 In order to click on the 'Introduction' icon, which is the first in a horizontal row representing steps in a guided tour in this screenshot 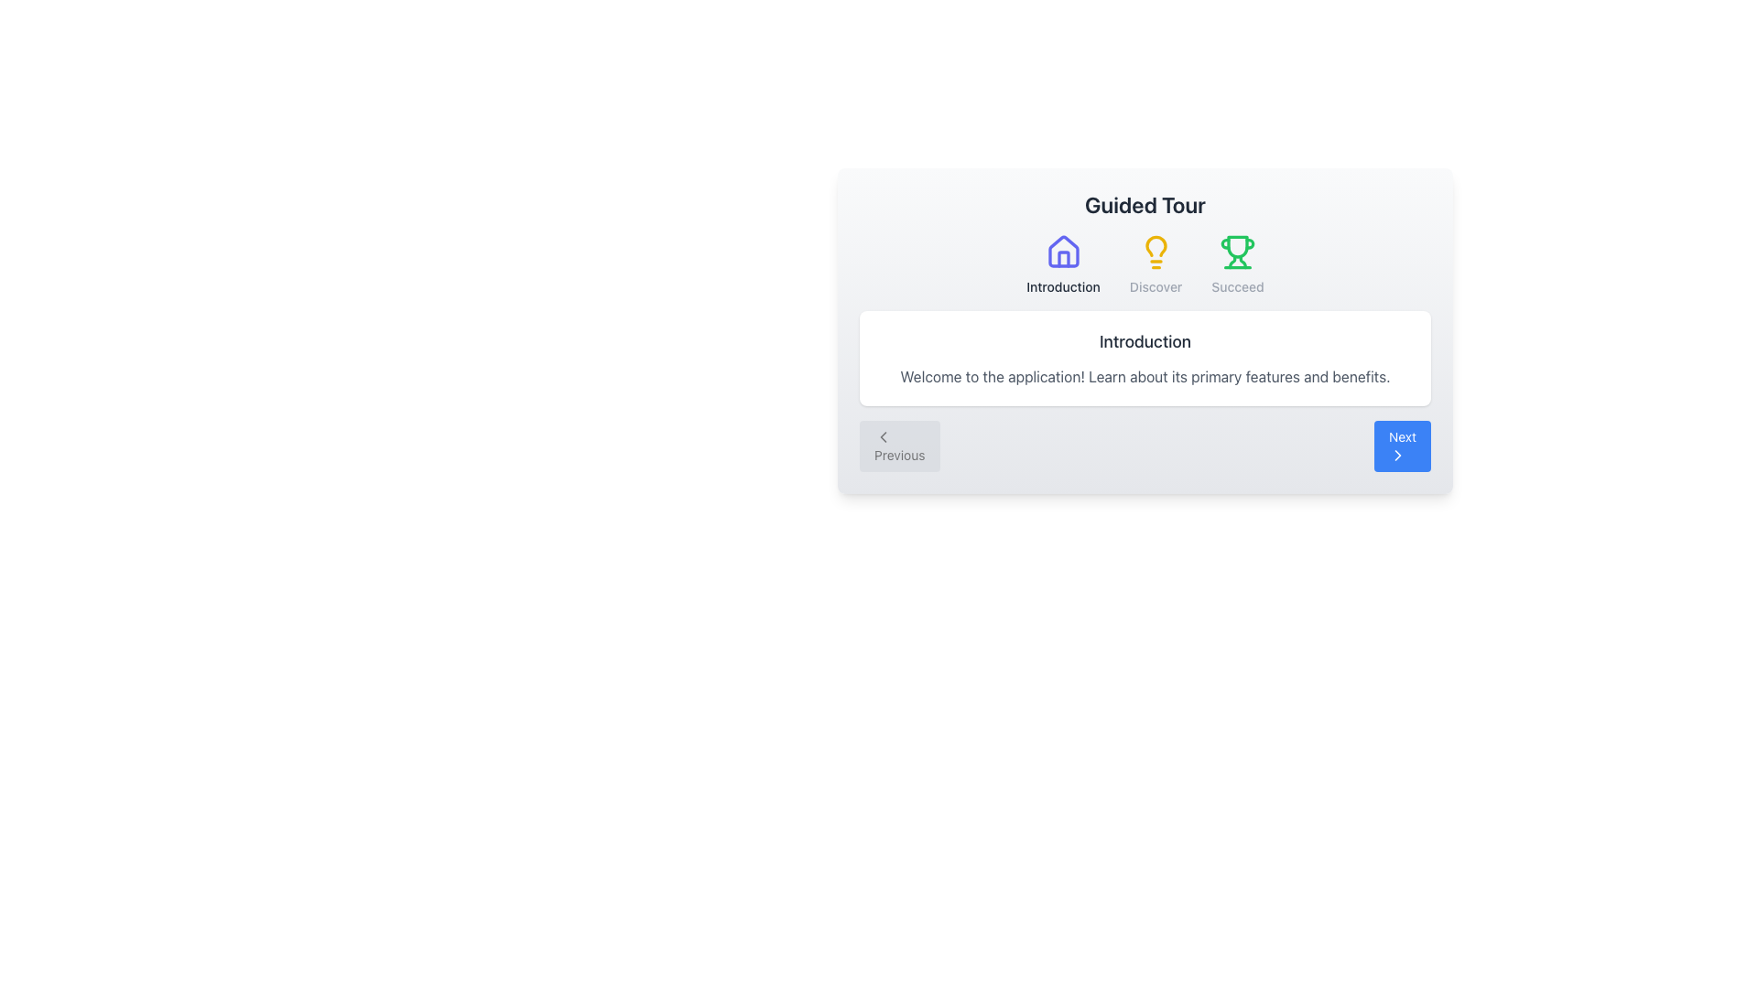, I will do `click(1063, 252)`.